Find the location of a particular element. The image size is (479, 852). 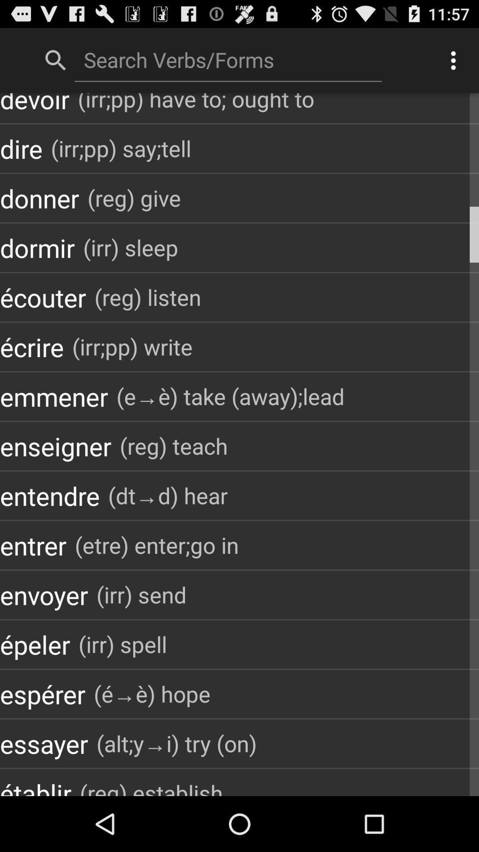

item next to the essayer app is located at coordinates (177, 743).